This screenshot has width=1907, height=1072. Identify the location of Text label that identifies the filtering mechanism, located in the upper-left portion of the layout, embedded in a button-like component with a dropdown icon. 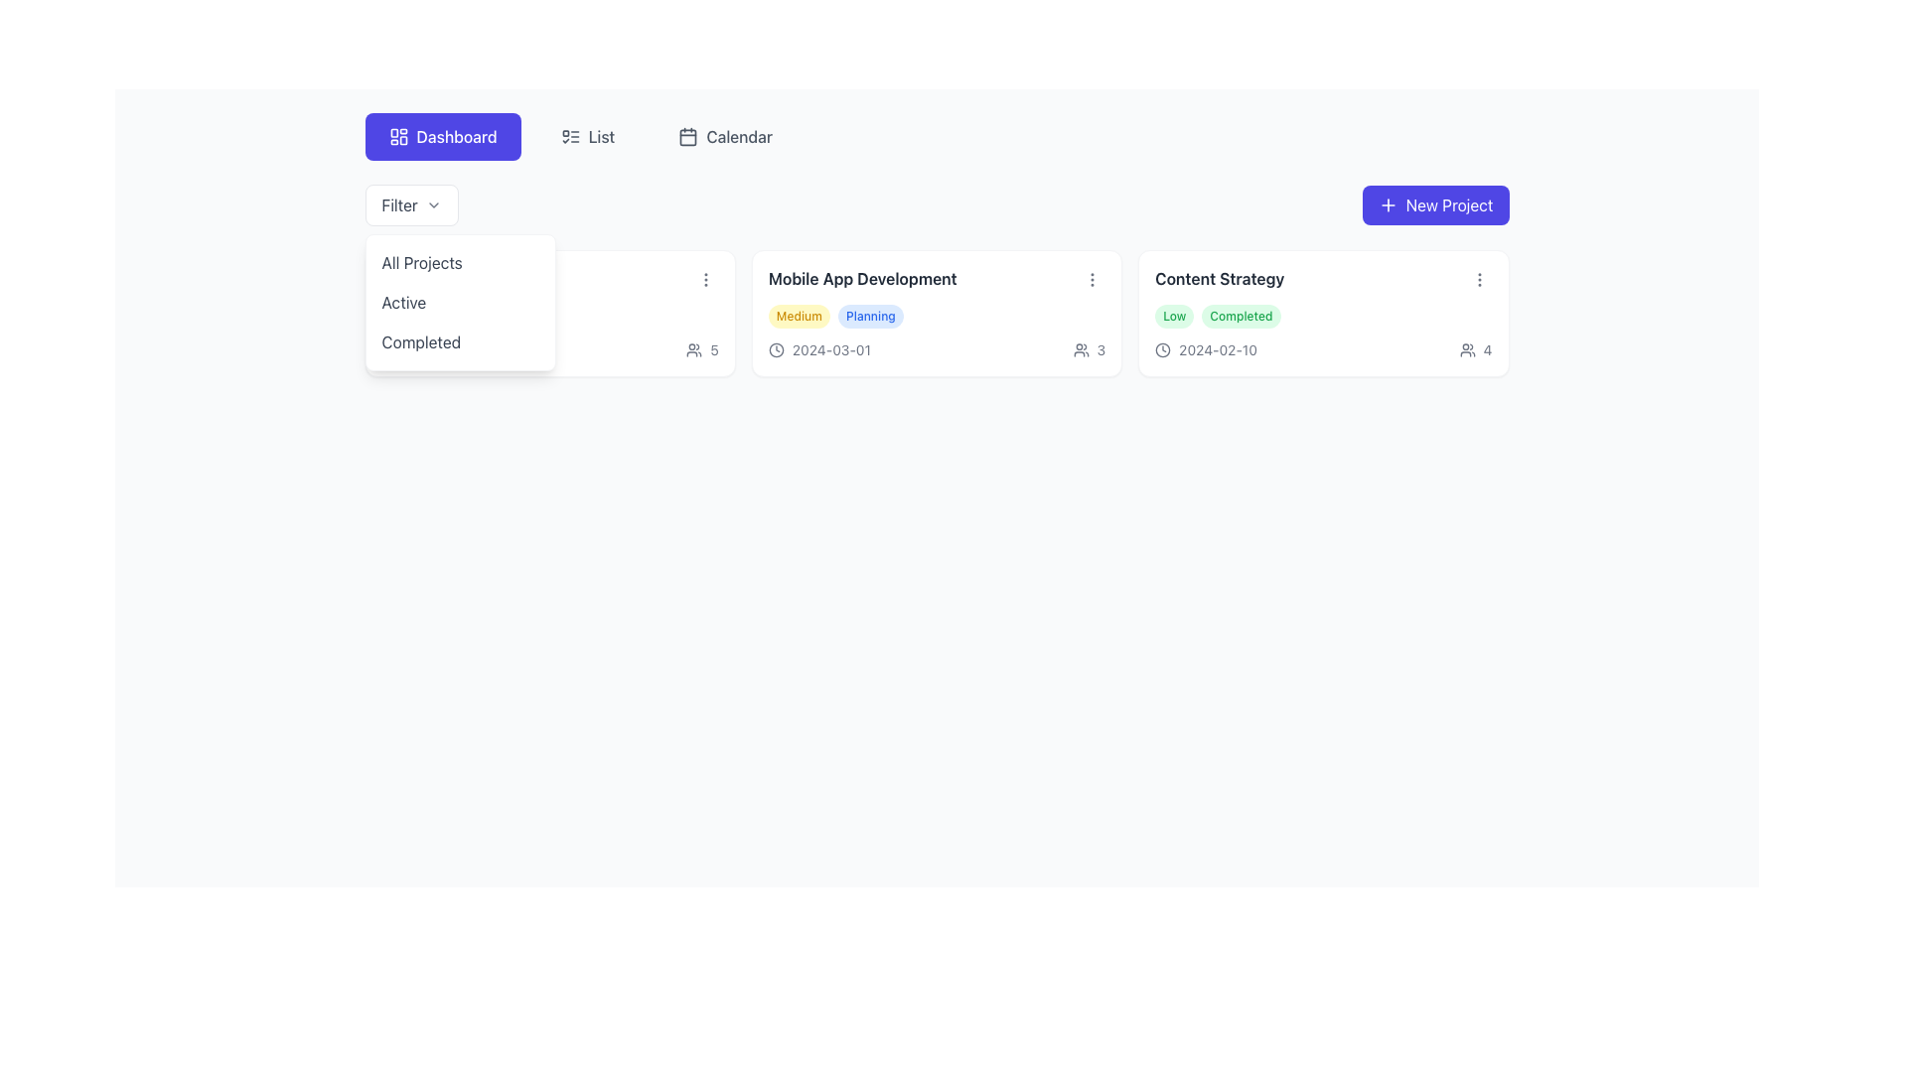
(398, 205).